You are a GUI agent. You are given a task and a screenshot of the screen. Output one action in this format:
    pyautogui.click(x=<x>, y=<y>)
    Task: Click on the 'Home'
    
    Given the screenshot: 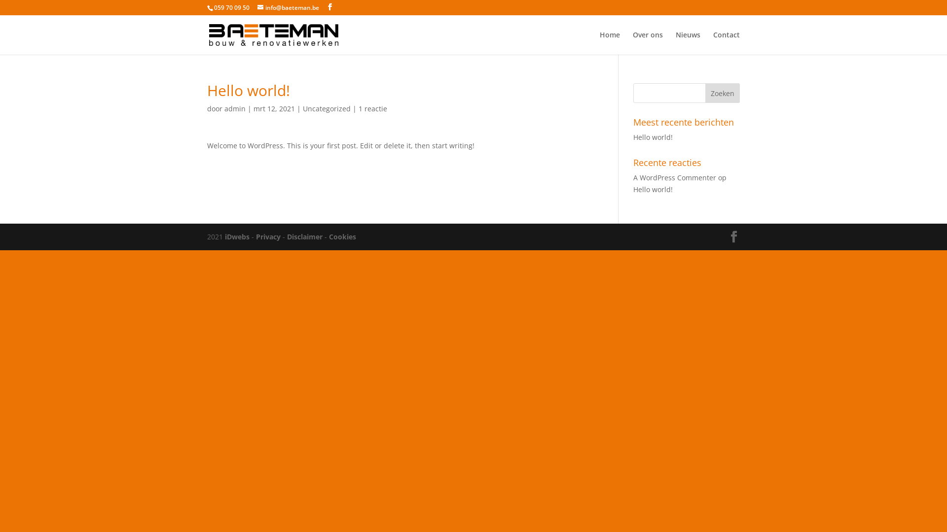 What is the action you would take?
    pyautogui.click(x=609, y=42)
    